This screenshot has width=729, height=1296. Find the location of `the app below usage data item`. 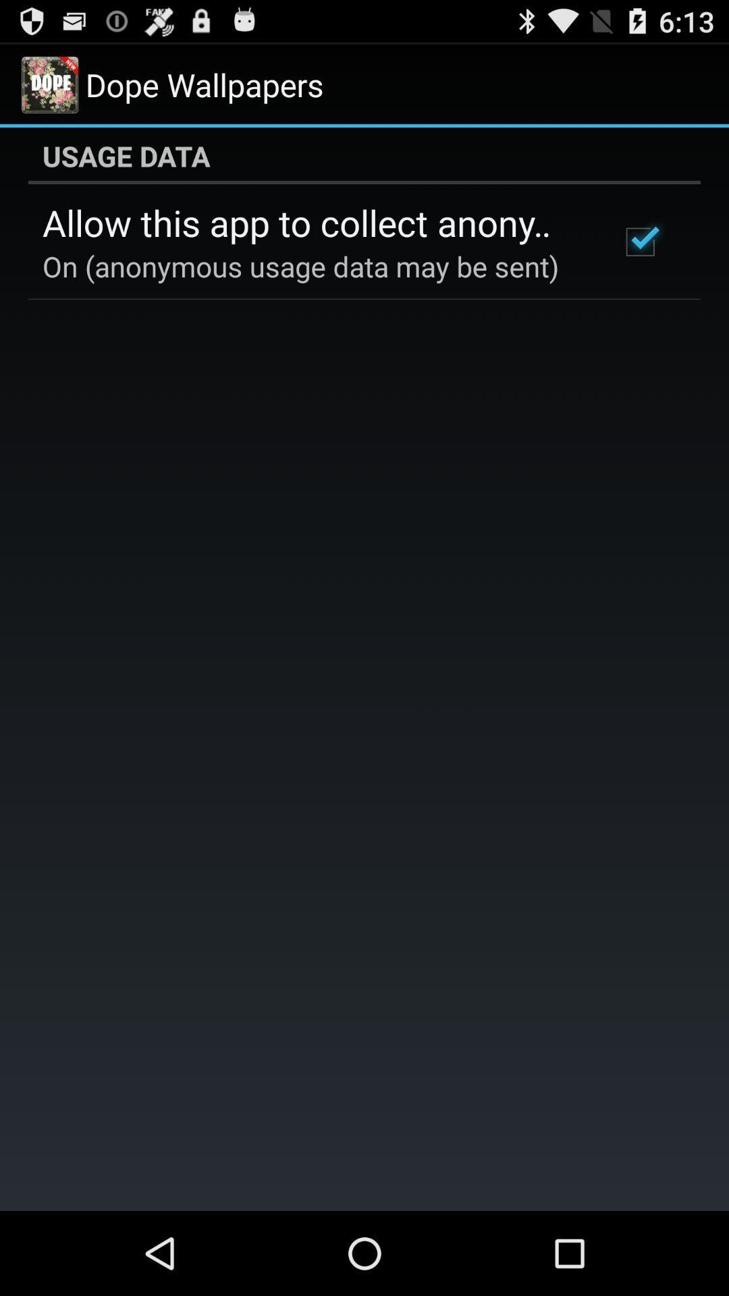

the app below usage data item is located at coordinates (313, 222).